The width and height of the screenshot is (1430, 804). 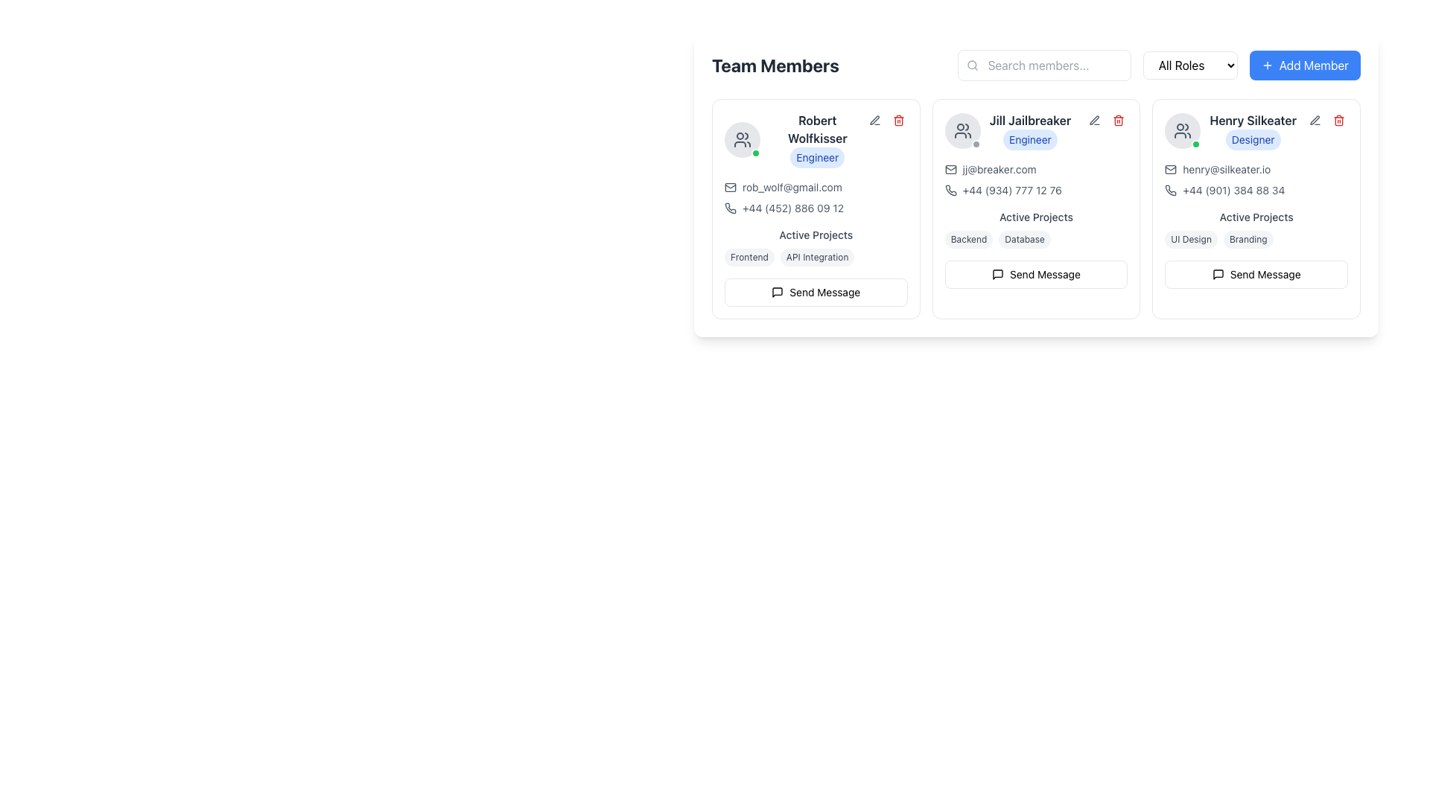 I want to click on the email address located in the informational card for 'Robert Wolfkisser' under the 'Team Members' section, so click(x=815, y=197).